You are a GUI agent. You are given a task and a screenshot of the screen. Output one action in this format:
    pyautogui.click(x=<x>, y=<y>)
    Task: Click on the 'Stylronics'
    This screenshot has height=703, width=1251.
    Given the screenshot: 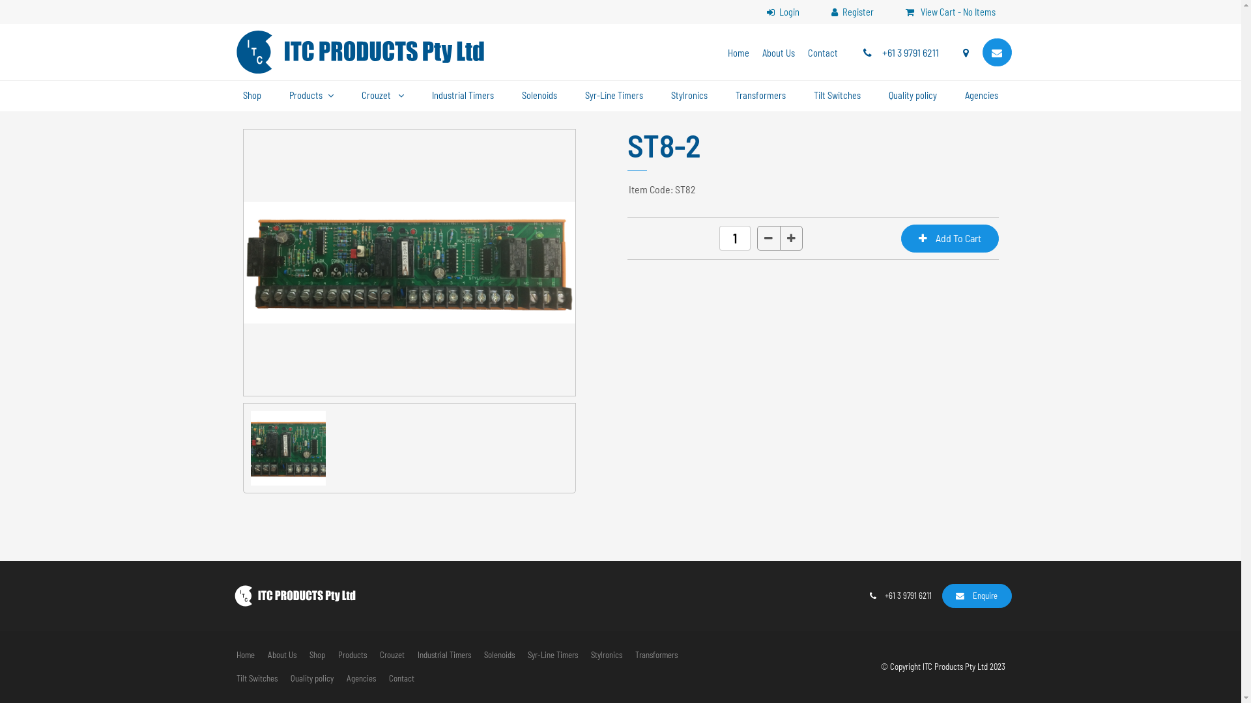 What is the action you would take?
    pyautogui.click(x=605, y=655)
    